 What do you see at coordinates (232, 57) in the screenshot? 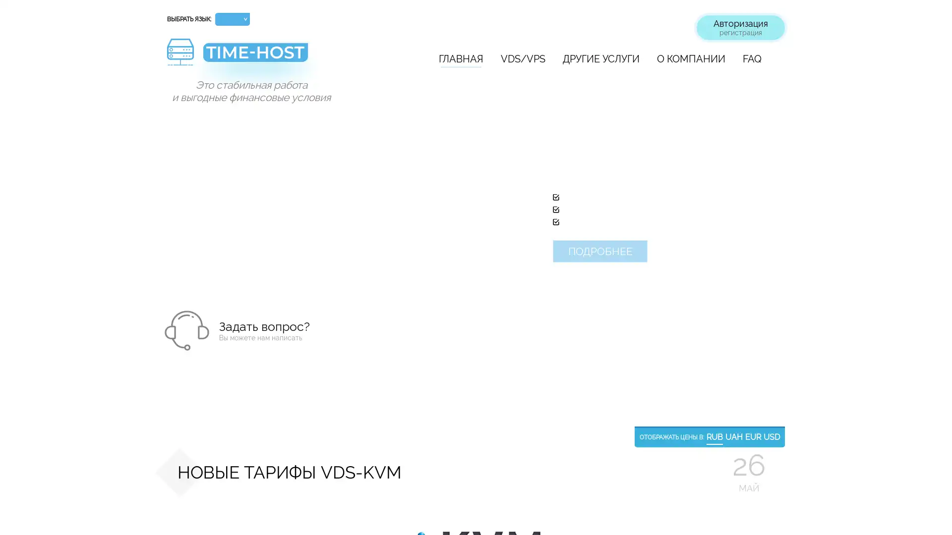
I see `de DE` at bounding box center [232, 57].